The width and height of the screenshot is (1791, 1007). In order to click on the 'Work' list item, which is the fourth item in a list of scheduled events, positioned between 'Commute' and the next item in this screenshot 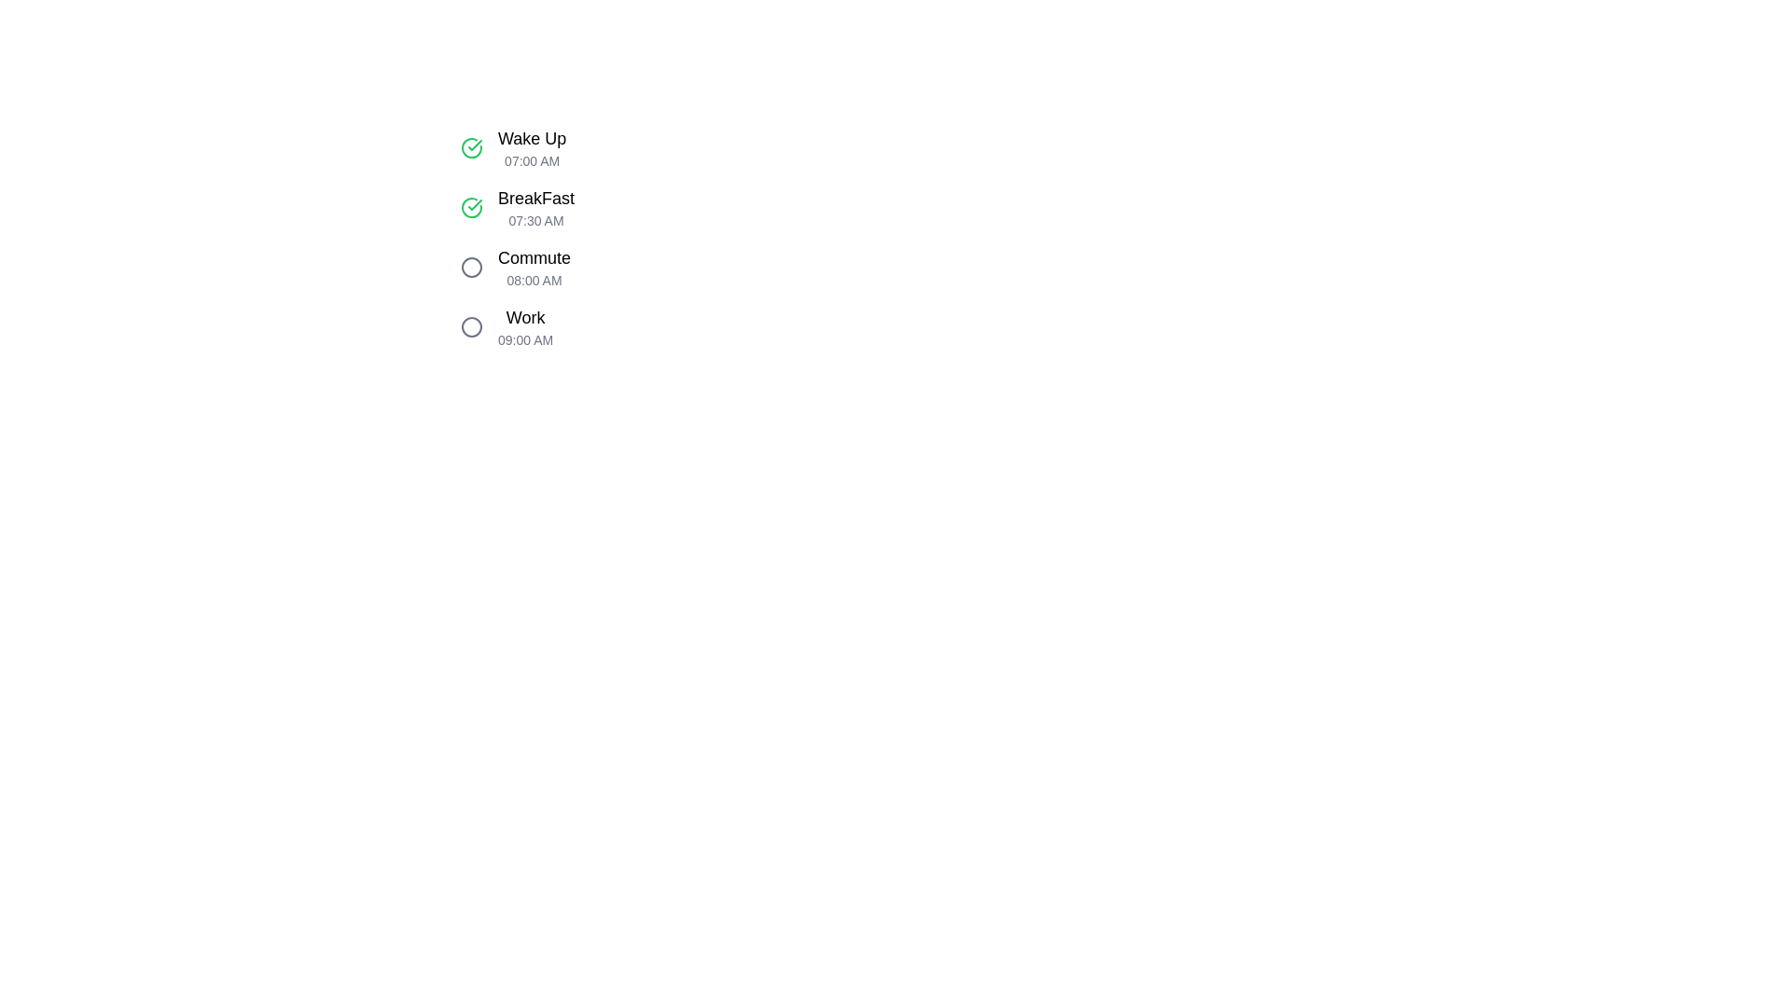, I will do `click(640, 326)`.